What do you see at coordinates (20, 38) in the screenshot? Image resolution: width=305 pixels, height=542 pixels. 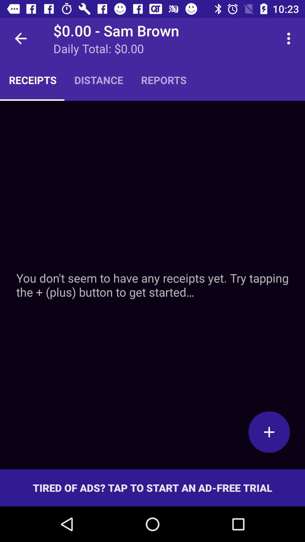 I see `icon next to the 0 00 sam` at bounding box center [20, 38].